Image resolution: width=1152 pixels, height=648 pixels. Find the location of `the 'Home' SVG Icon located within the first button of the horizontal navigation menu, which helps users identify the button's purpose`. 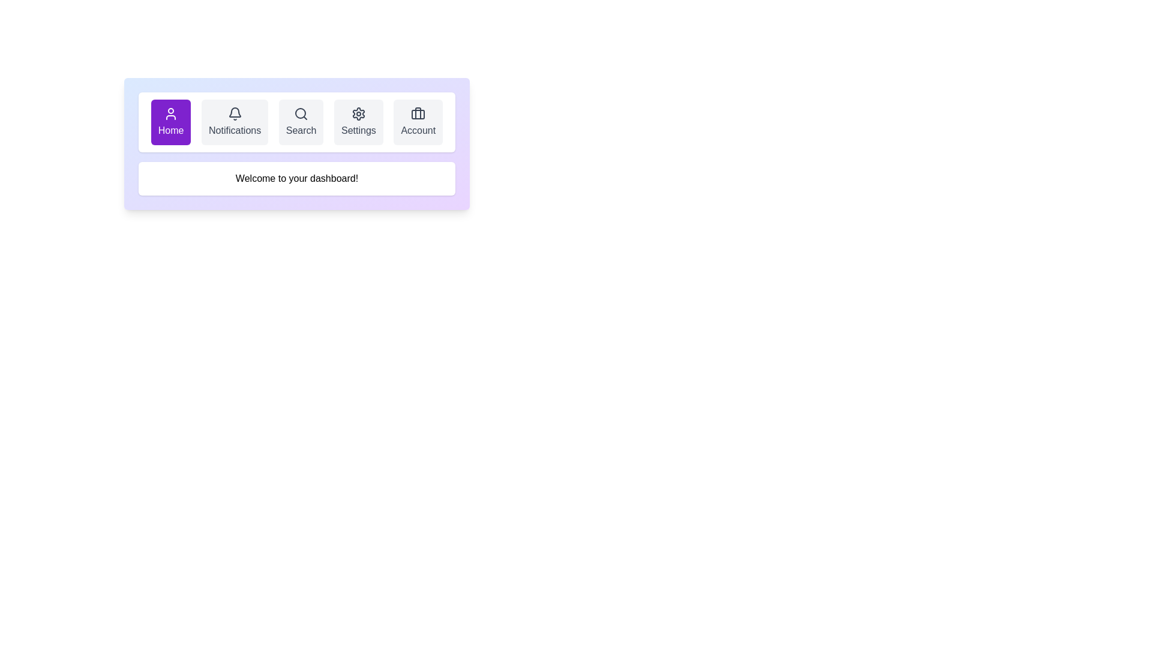

the 'Home' SVG Icon located within the first button of the horizontal navigation menu, which helps users identify the button's purpose is located at coordinates (170, 113).